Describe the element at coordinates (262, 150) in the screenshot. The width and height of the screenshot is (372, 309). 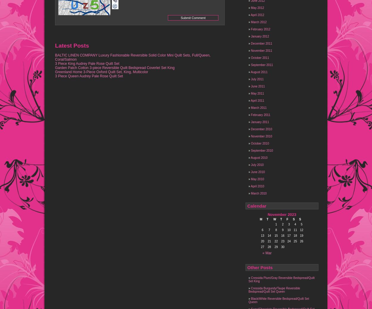
I see `'September 2010'` at that location.